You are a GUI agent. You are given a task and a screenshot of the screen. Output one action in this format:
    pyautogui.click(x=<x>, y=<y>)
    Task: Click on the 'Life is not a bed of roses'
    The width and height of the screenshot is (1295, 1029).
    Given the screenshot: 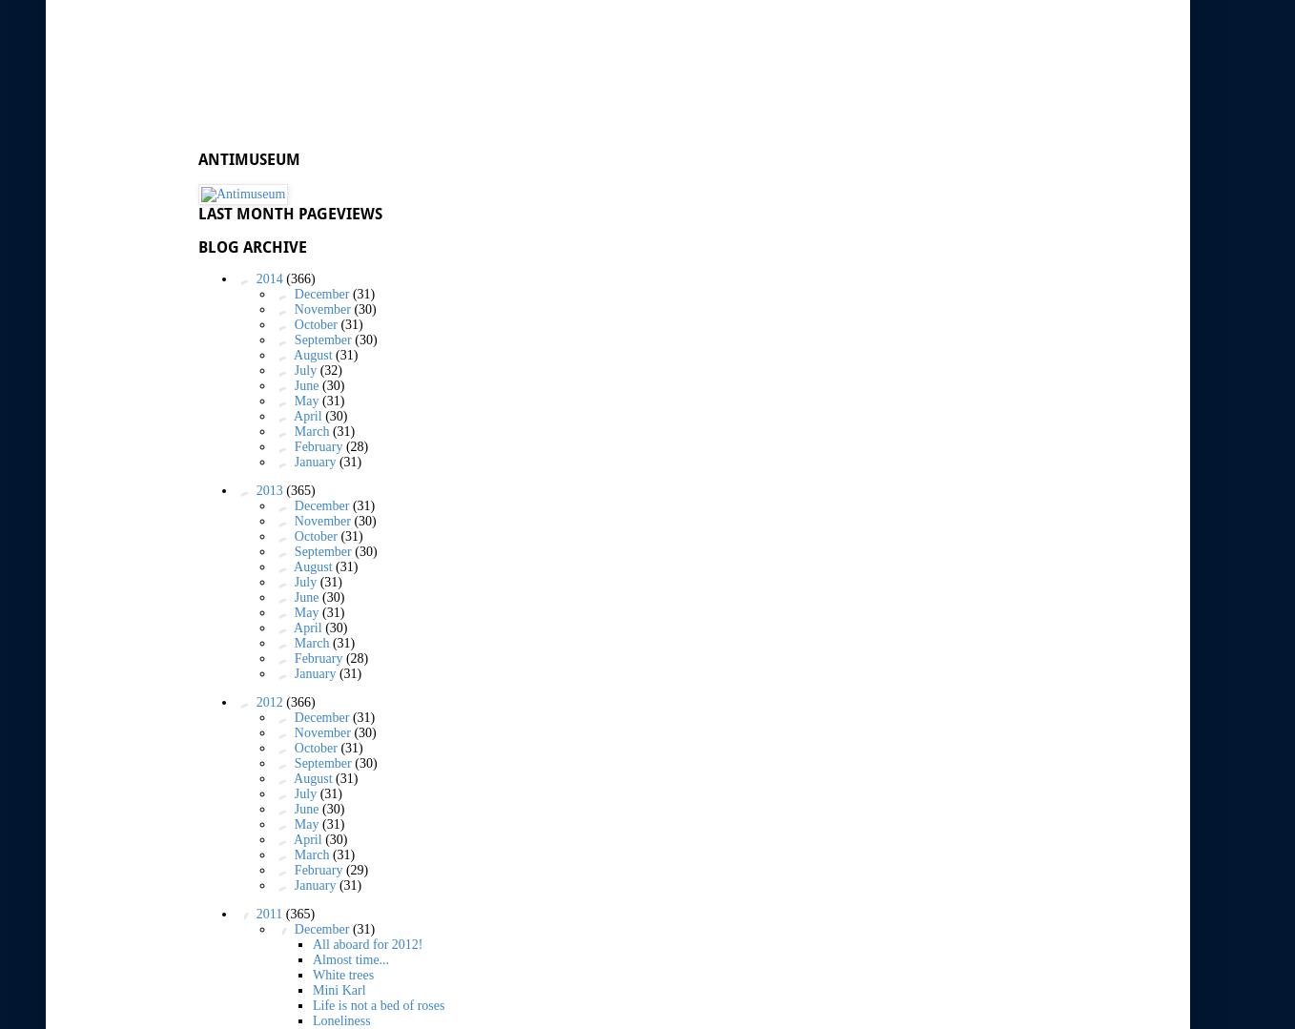 What is the action you would take?
    pyautogui.click(x=311, y=1003)
    